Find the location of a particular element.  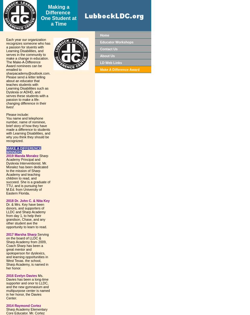

'Educator Workshops' is located at coordinates (116, 41).